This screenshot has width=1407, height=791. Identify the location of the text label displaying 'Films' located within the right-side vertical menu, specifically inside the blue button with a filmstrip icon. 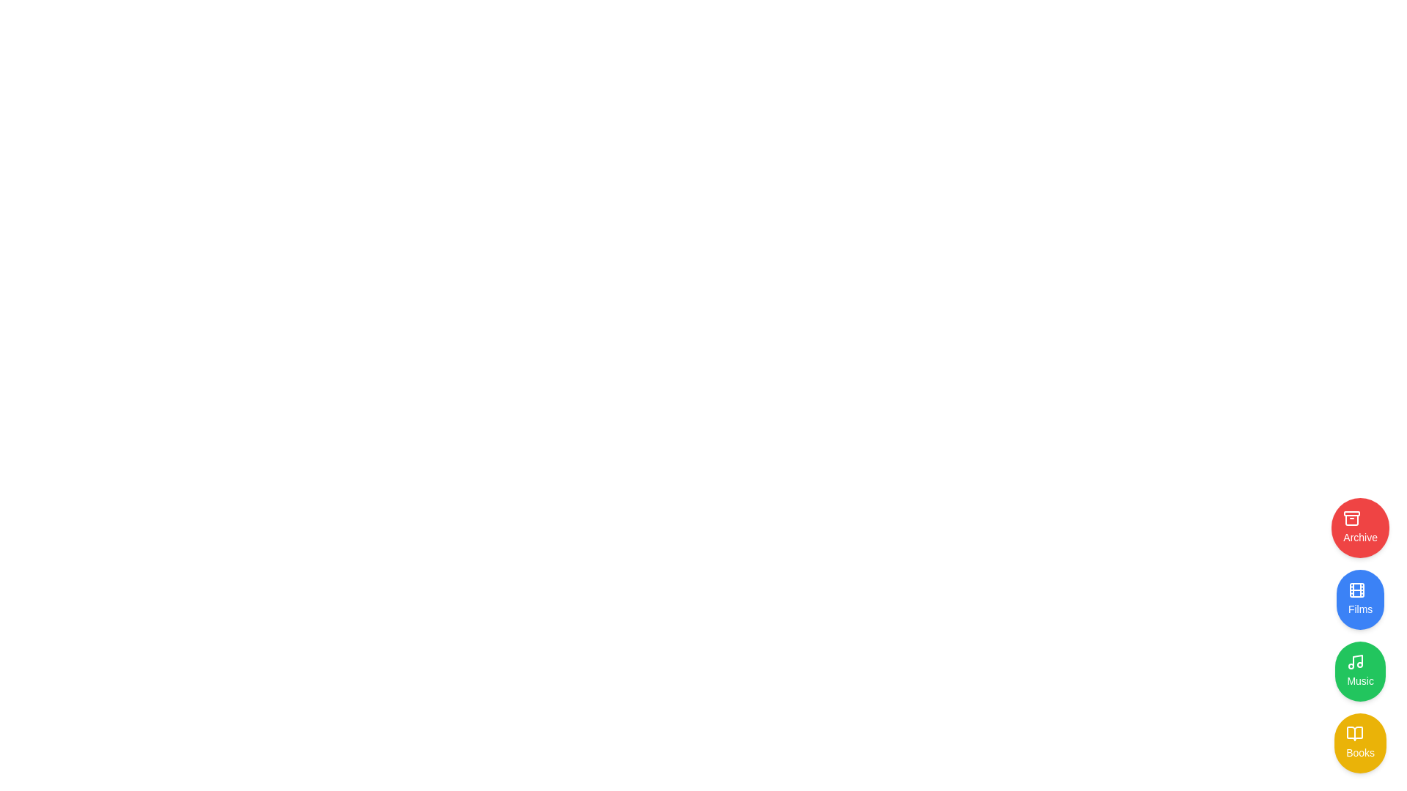
(1359, 609).